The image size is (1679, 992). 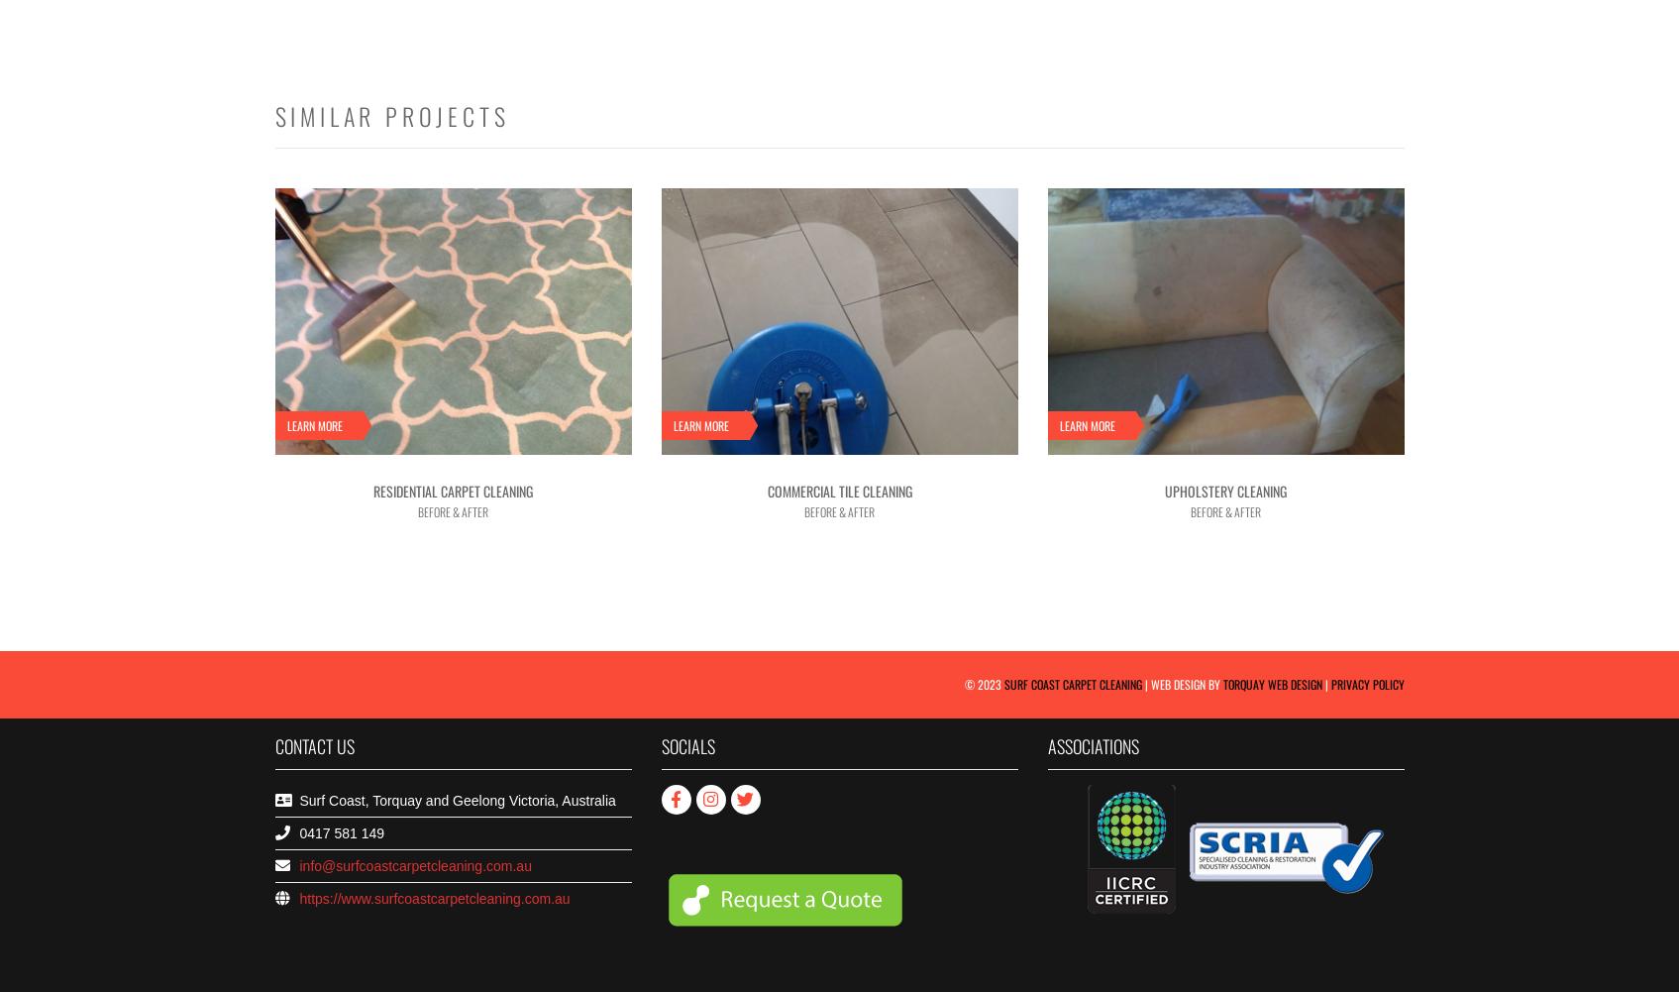 What do you see at coordinates (434, 899) in the screenshot?
I see `'https://www.surfcoastcarpetcleaning.com.au'` at bounding box center [434, 899].